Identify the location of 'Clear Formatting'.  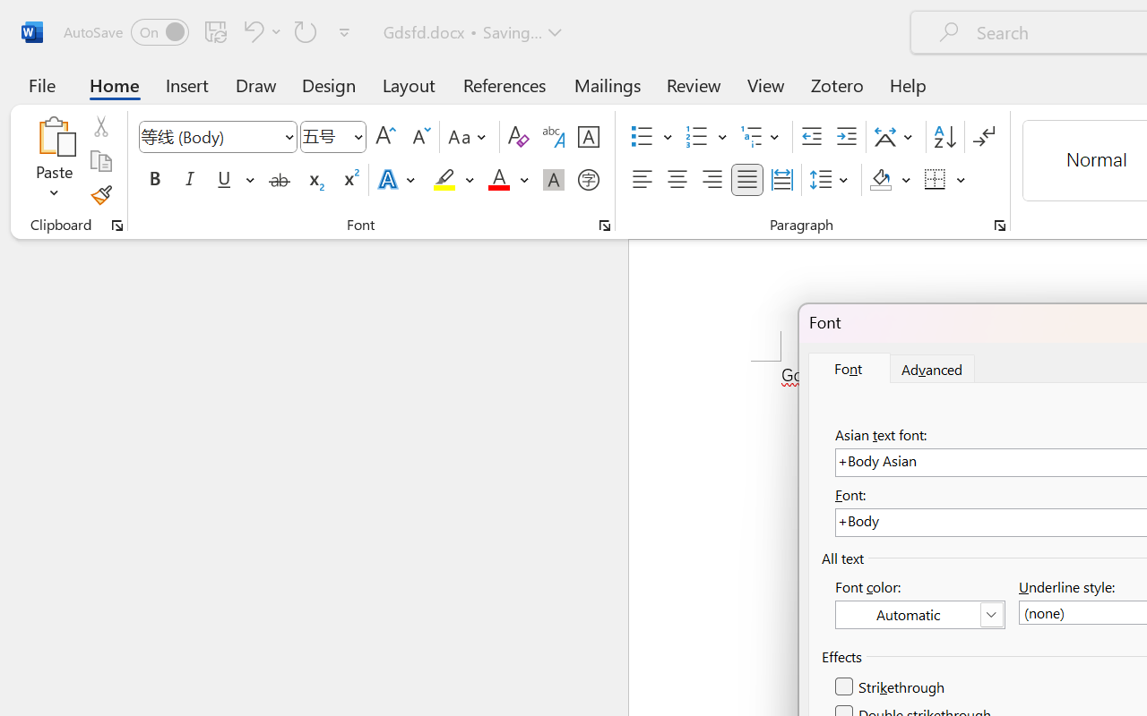
(517, 137).